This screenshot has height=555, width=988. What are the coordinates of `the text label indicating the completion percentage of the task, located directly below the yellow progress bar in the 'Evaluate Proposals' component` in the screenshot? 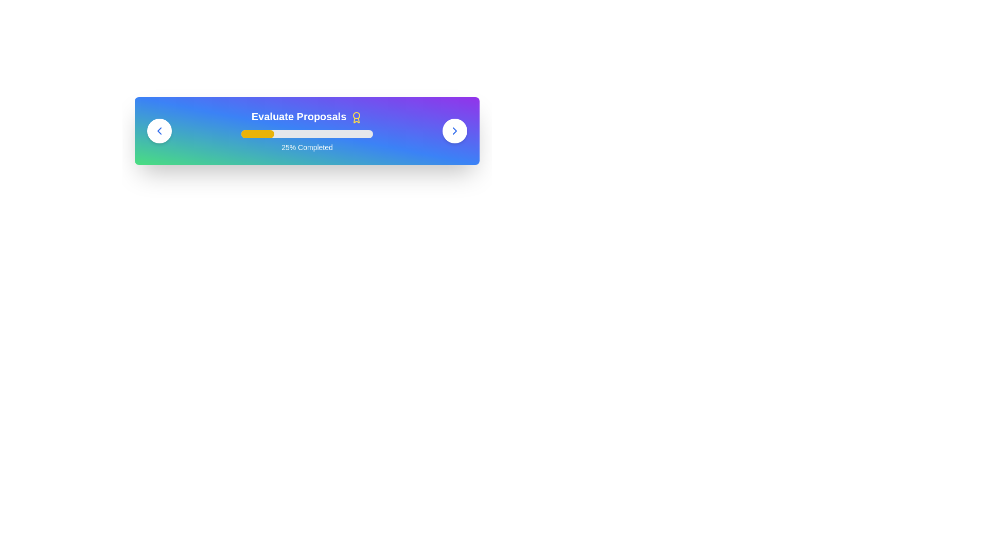 It's located at (306, 147).